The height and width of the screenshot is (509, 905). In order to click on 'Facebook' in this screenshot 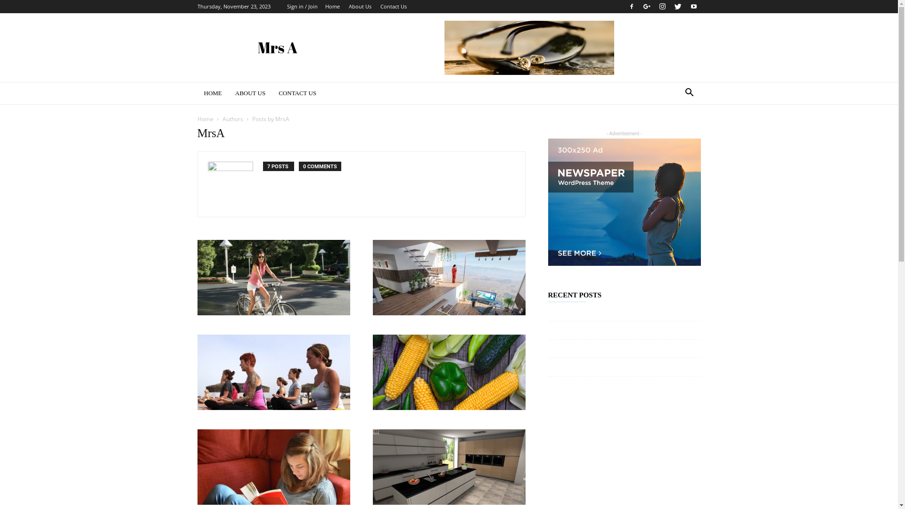, I will do `click(624, 7)`.